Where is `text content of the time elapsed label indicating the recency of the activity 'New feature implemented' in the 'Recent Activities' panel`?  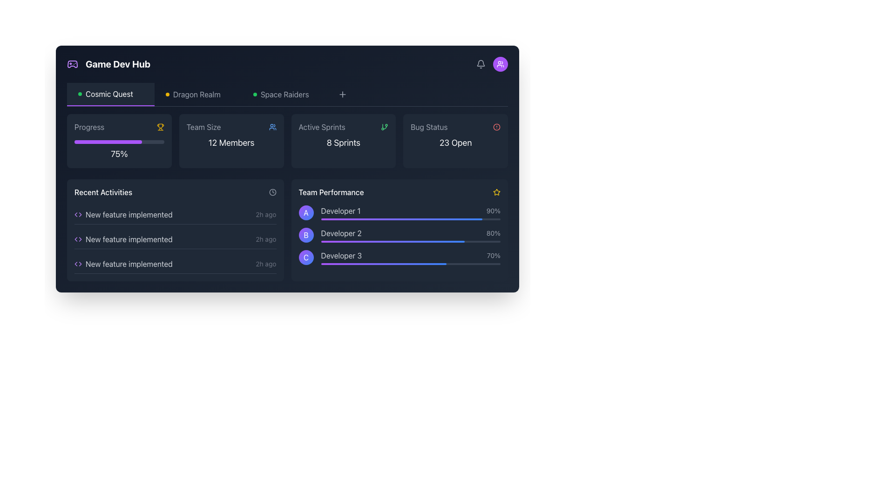 text content of the time elapsed label indicating the recency of the activity 'New feature implemented' in the 'Recent Activities' panel is located at coordinates (265, 238).